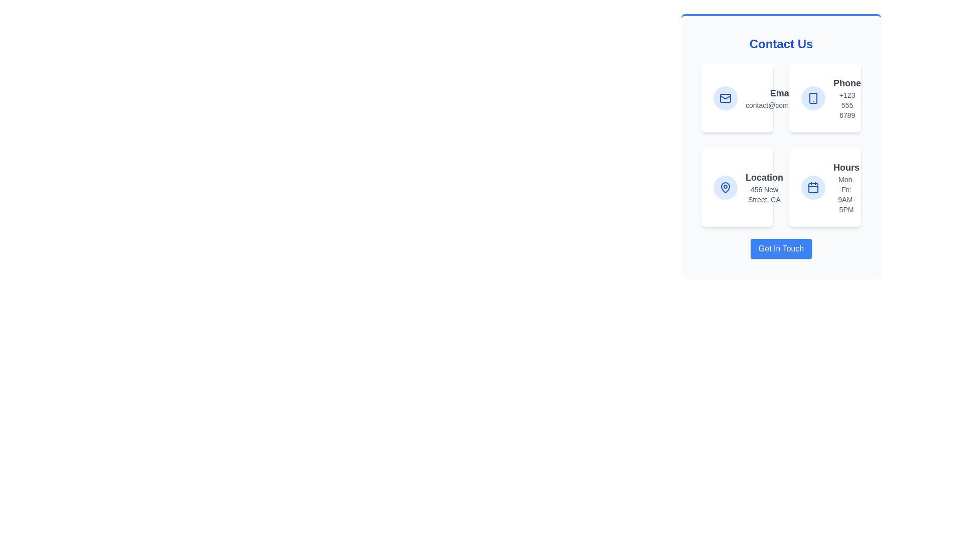 The height and width of the screenshot is (542, 964). Describe the element at coordinates (846, 195) in the screenshot. I see `the text label that reads 'Mon-Fri: 9AM-5PM', which is styled in a small gray font and positioned below the 'Hours' text in the 'Contact Us' section` at that location.